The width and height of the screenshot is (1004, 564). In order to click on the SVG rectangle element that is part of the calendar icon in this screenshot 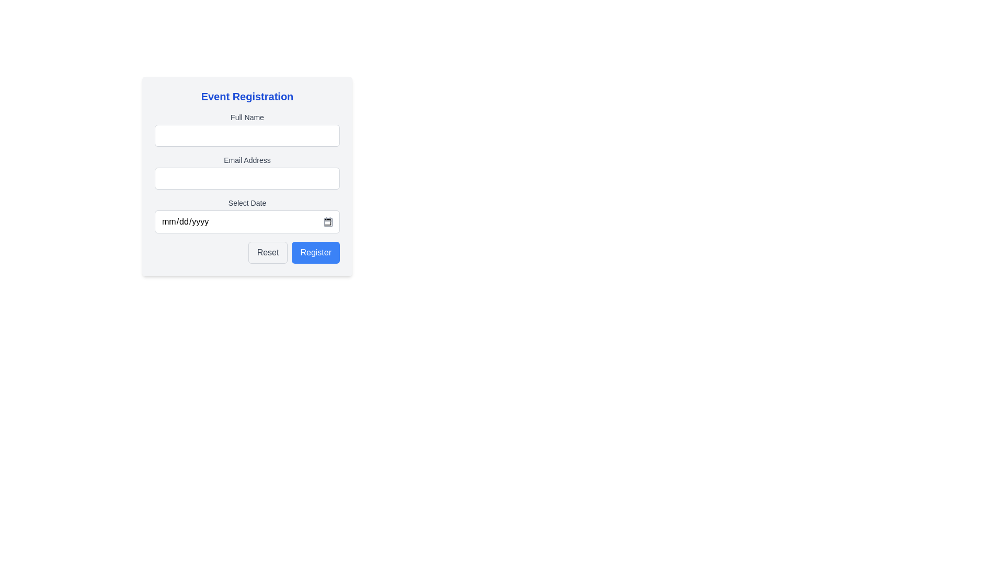, I will do `click(328, 221)`.